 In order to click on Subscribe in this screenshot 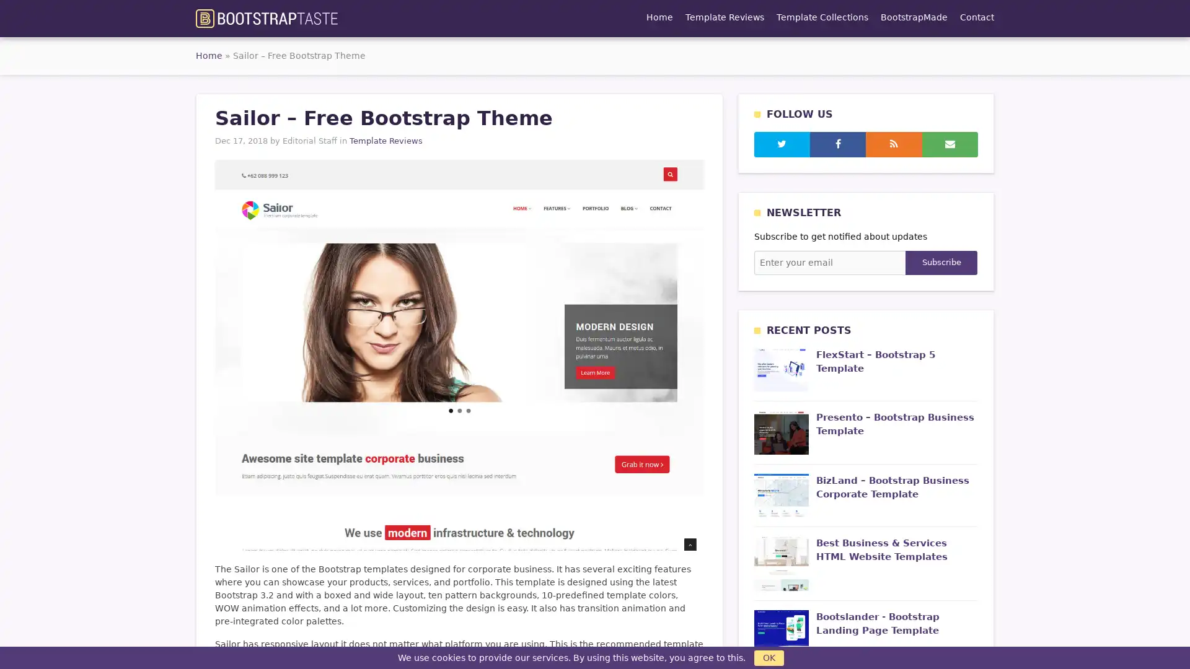, I will do `click(941, 262)`.